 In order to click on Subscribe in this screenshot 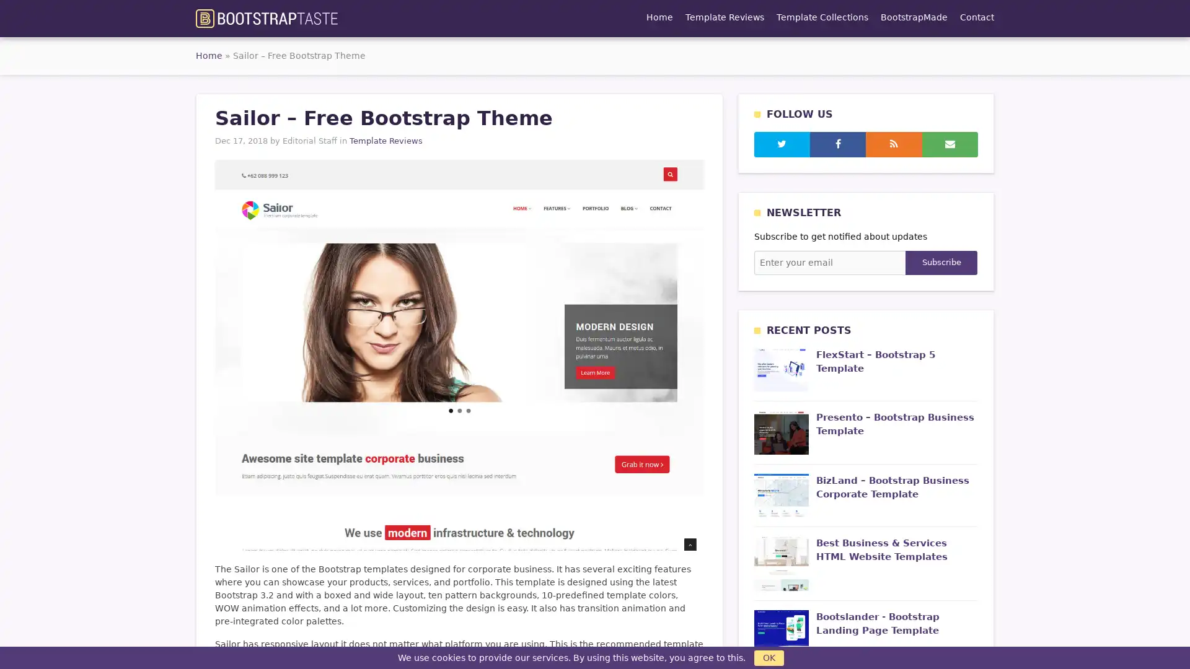, I will do `click(941, 262)`.